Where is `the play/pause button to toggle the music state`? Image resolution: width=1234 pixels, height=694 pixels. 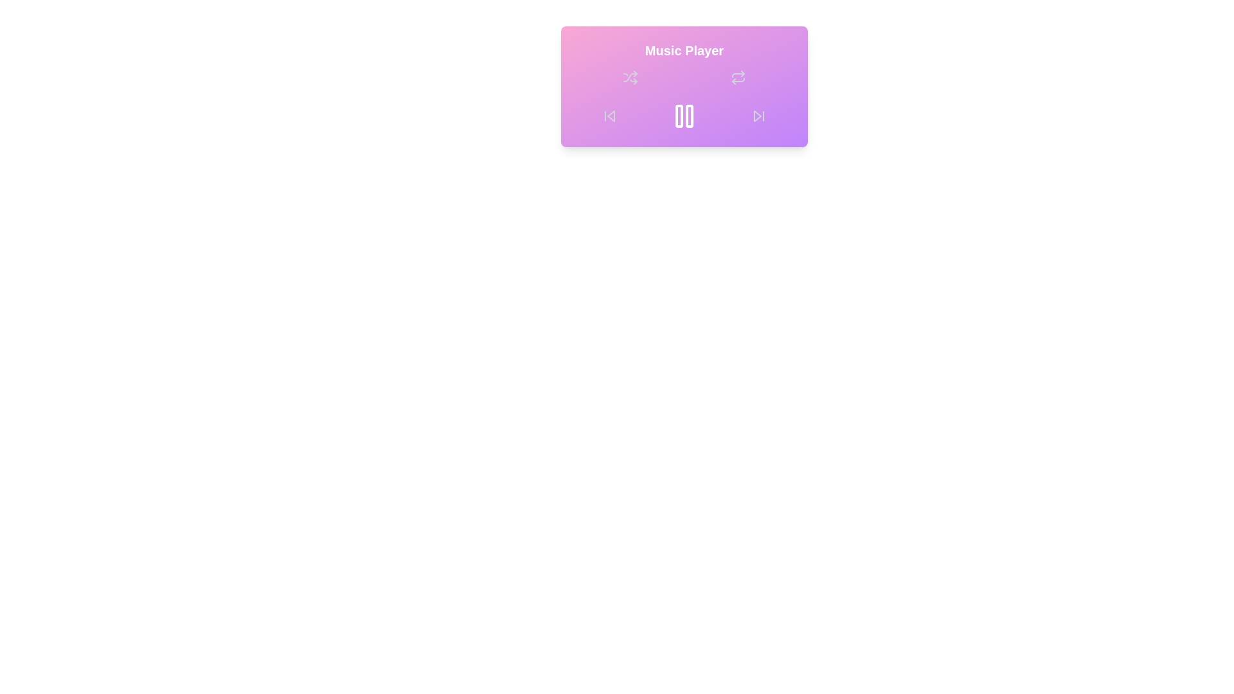 the play/pause button to toggle the music state is located at coordinates (684, 116).